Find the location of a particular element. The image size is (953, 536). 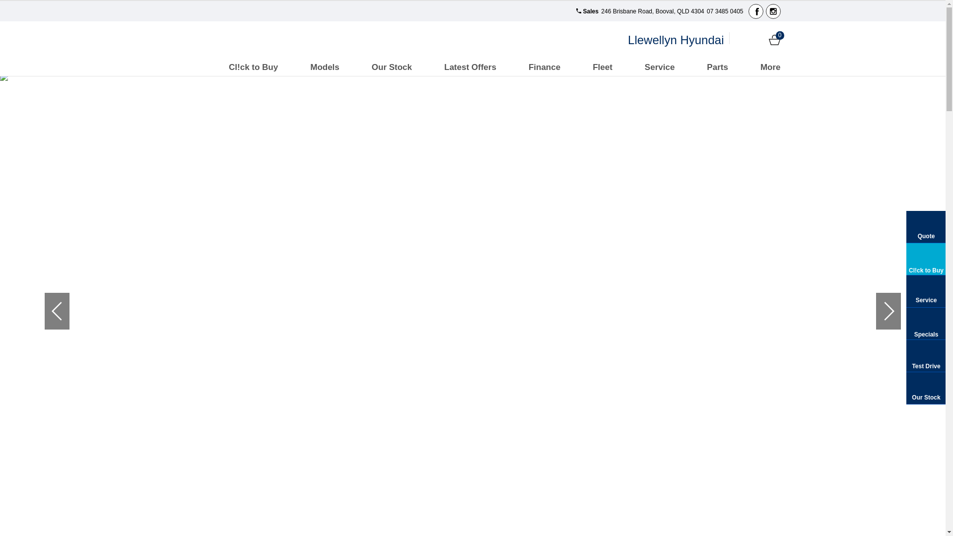

'Latest Offers' is located at coordinates (470, 67).